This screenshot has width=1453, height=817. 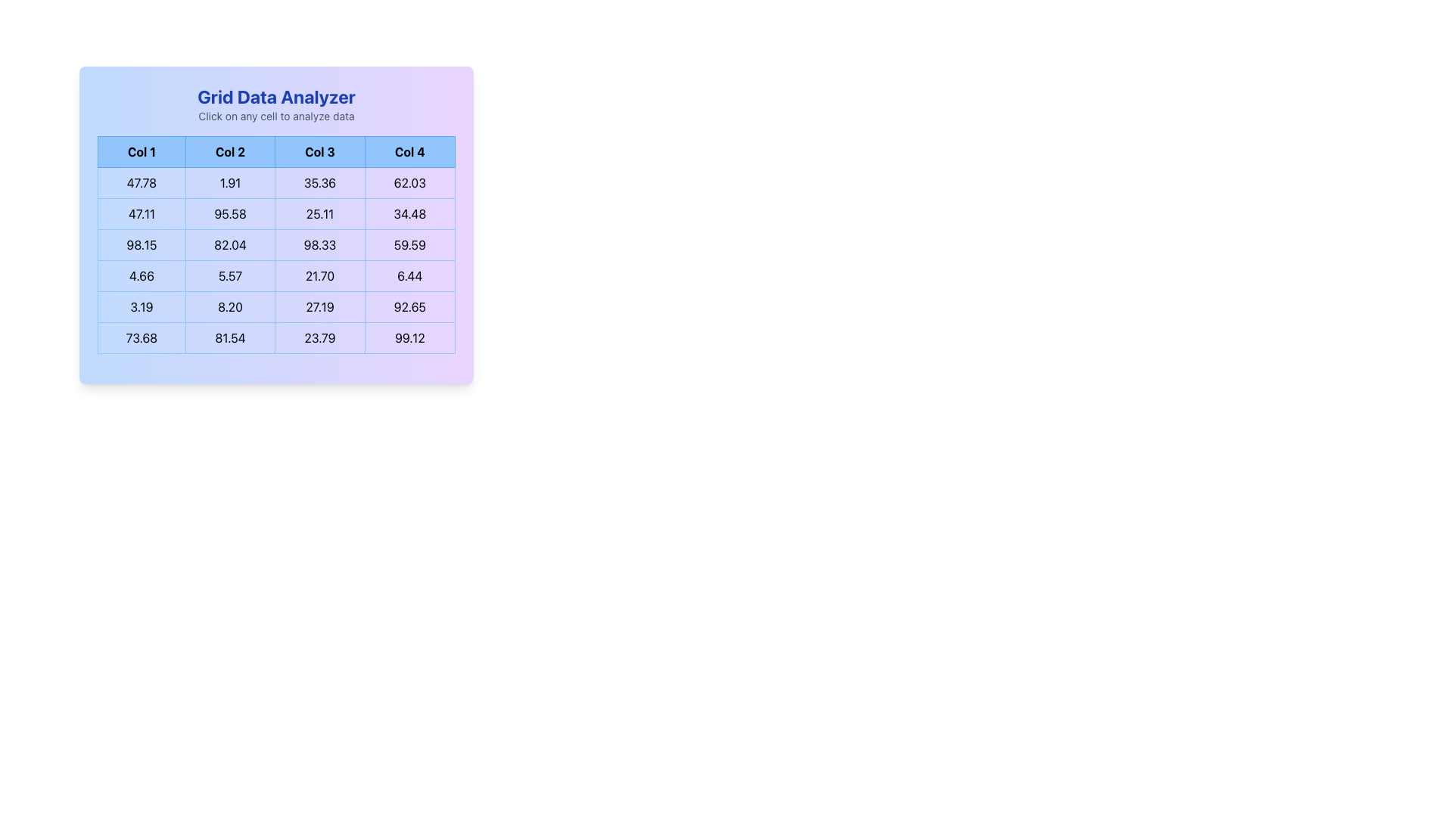 What do you see at coordinates (276, 244) in the screenshot?
I see `numerical values from the third row of the grid, which displays values '98.15', '82.04', '98.33', and '59.59', all enclosed in bordered cells with a light blue background` at bounding box center [276, 244].